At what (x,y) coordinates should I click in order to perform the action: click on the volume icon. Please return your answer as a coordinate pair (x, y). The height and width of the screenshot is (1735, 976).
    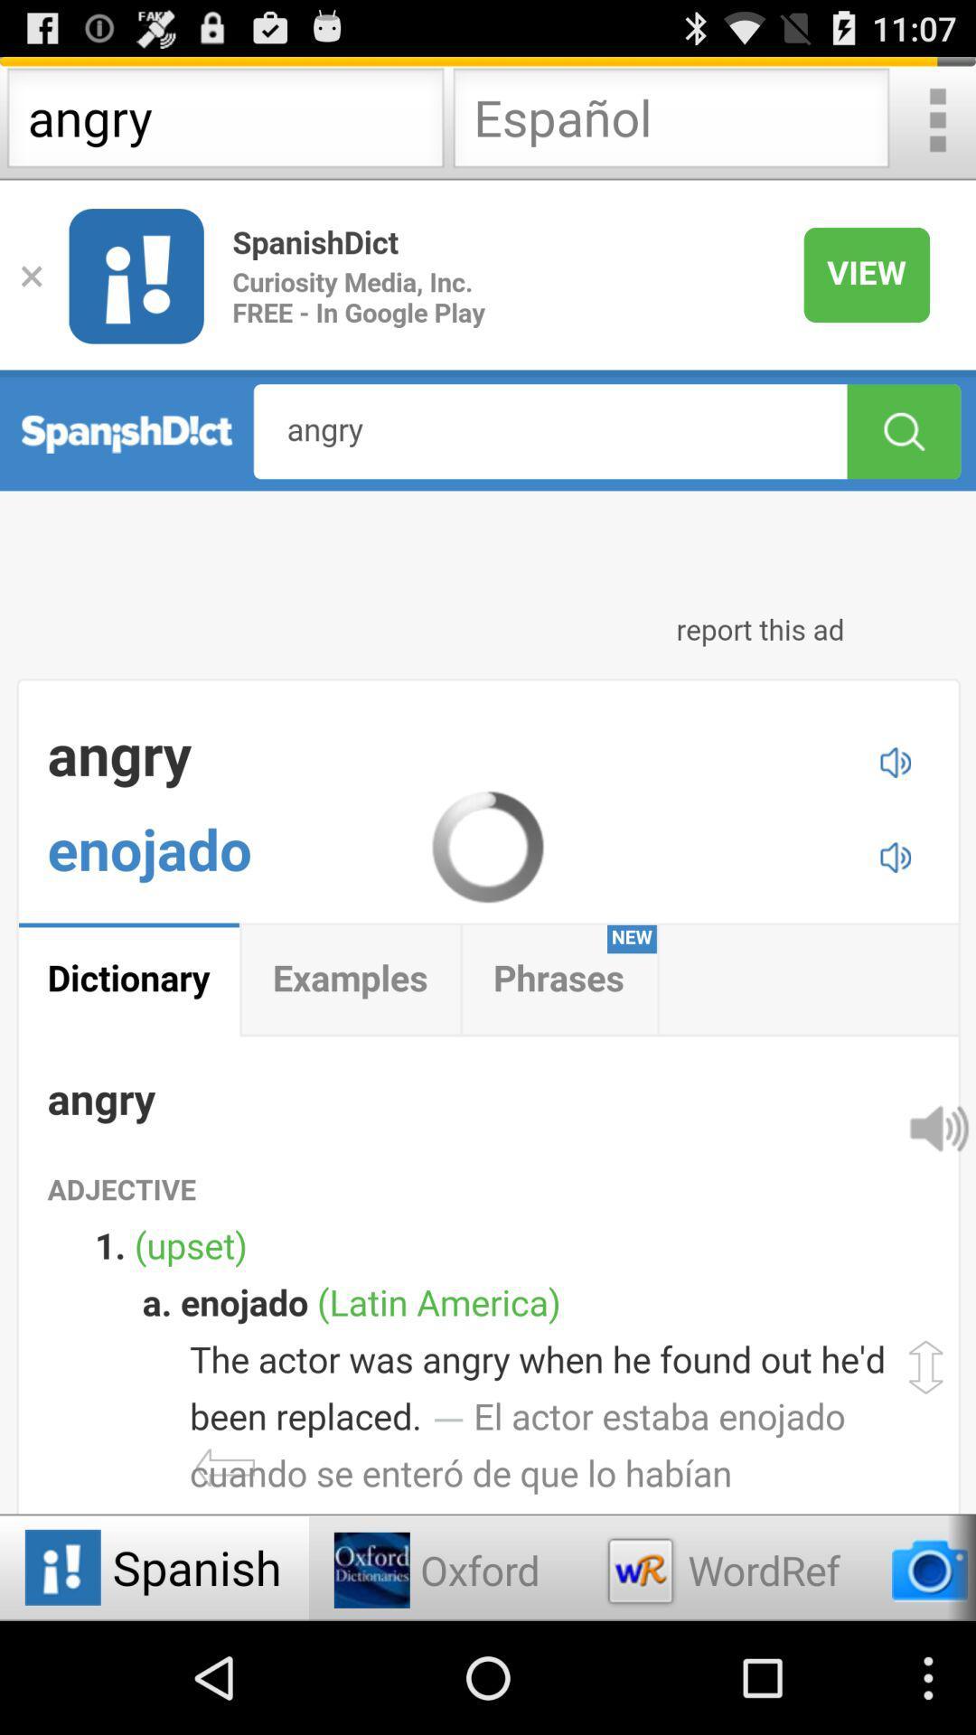
    Looking at the image, I should click on (936, 1206).